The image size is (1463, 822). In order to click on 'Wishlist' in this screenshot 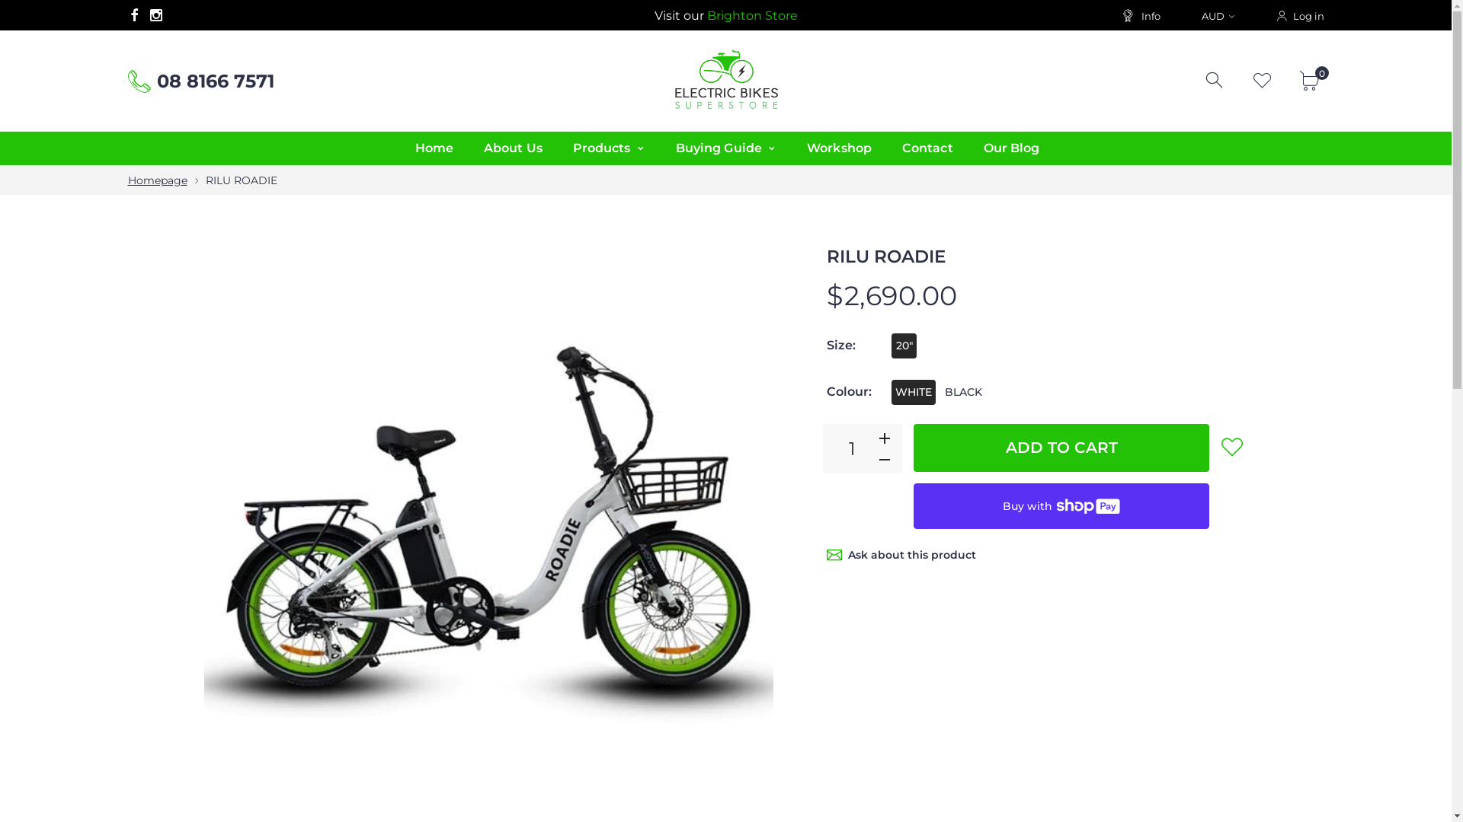, I will do `click(1262, 80)`.